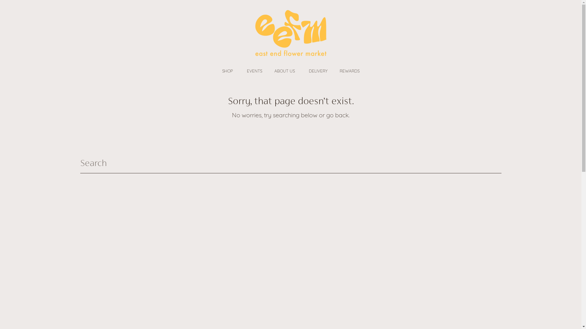 This screenshot has width=586, height=329. Describe the element at coordinates (496, 34) in the screenshot. I see `'Cart'` at that location.